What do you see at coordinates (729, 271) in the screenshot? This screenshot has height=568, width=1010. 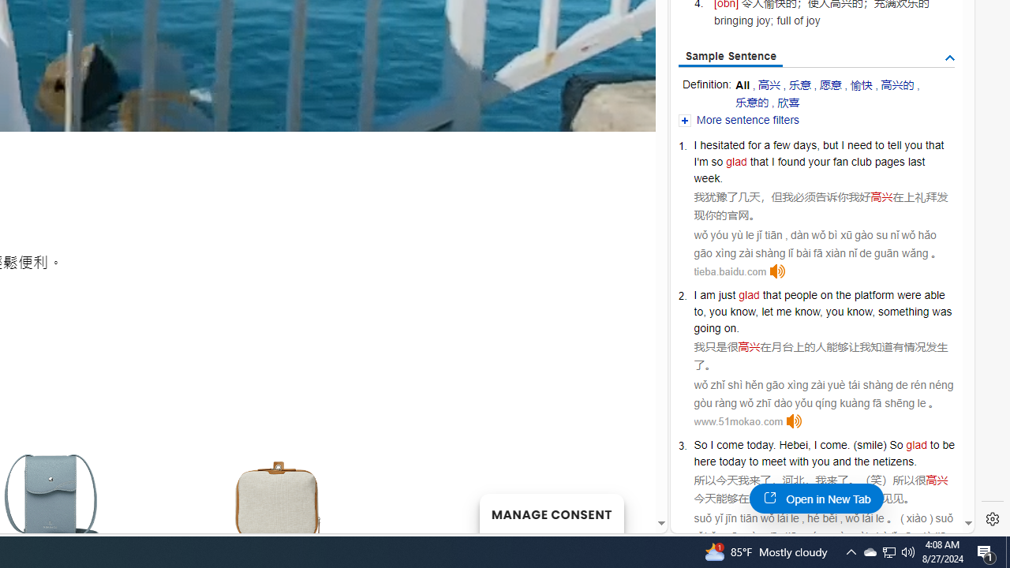 I see `'tieba.baidu.com'` at bounding box center [729, 271].